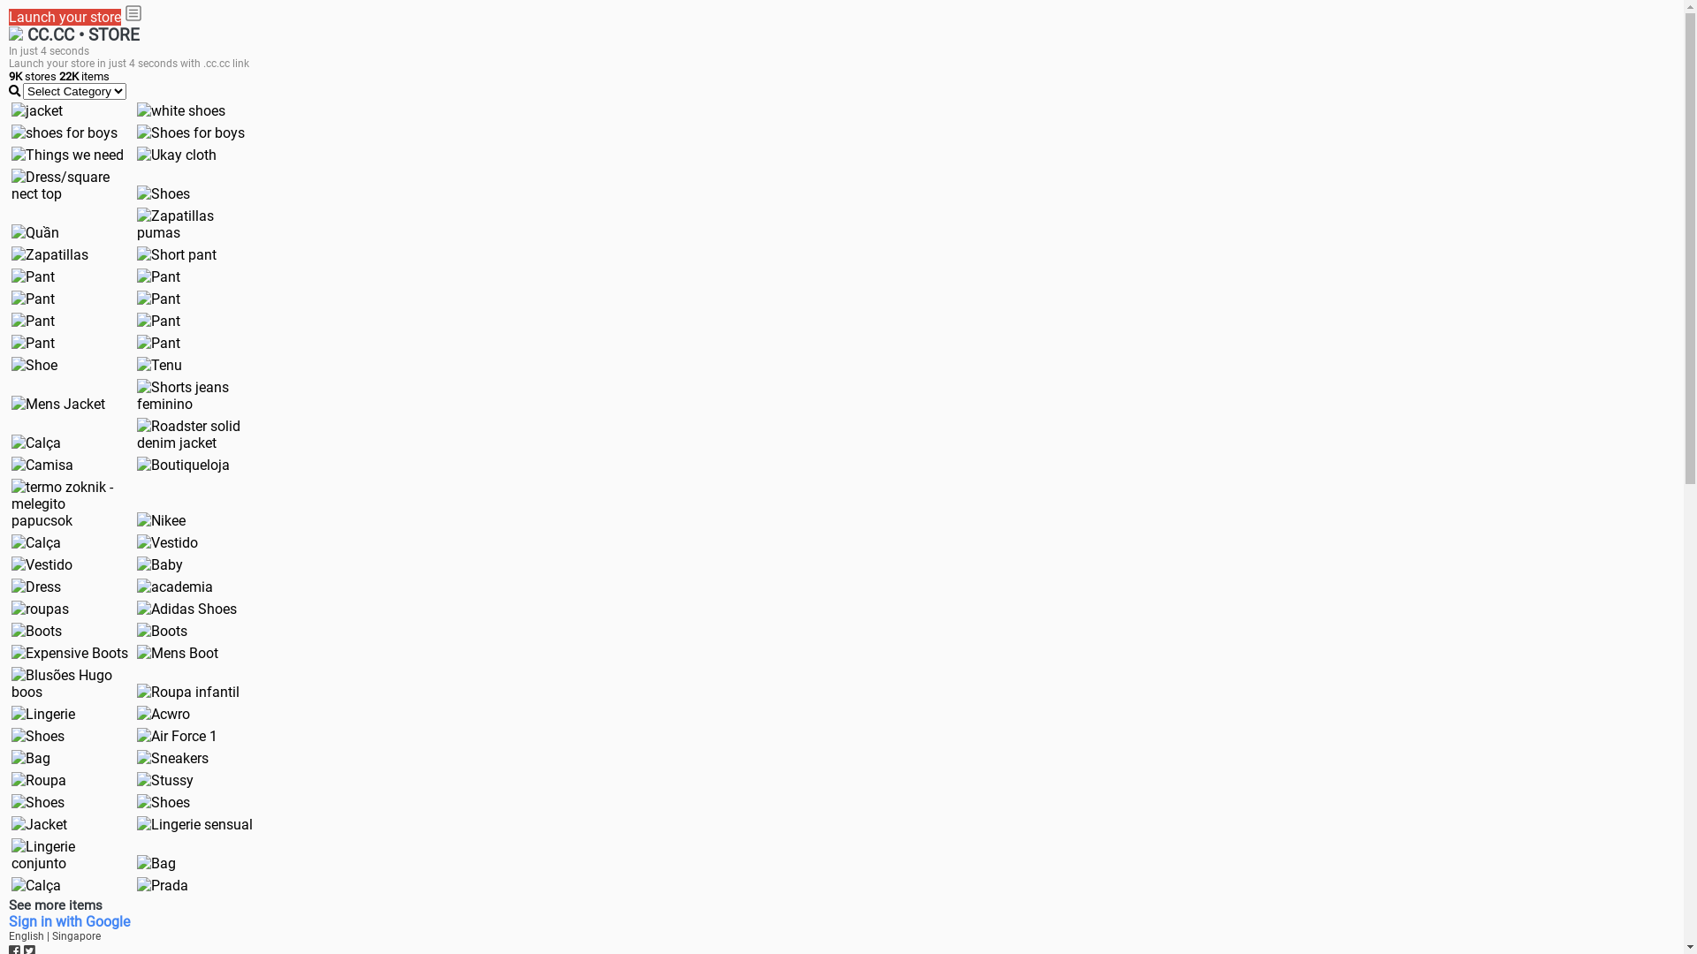 This screenshot has height=954, width=1697. I want to click on 'Boots', so click(162, 630).